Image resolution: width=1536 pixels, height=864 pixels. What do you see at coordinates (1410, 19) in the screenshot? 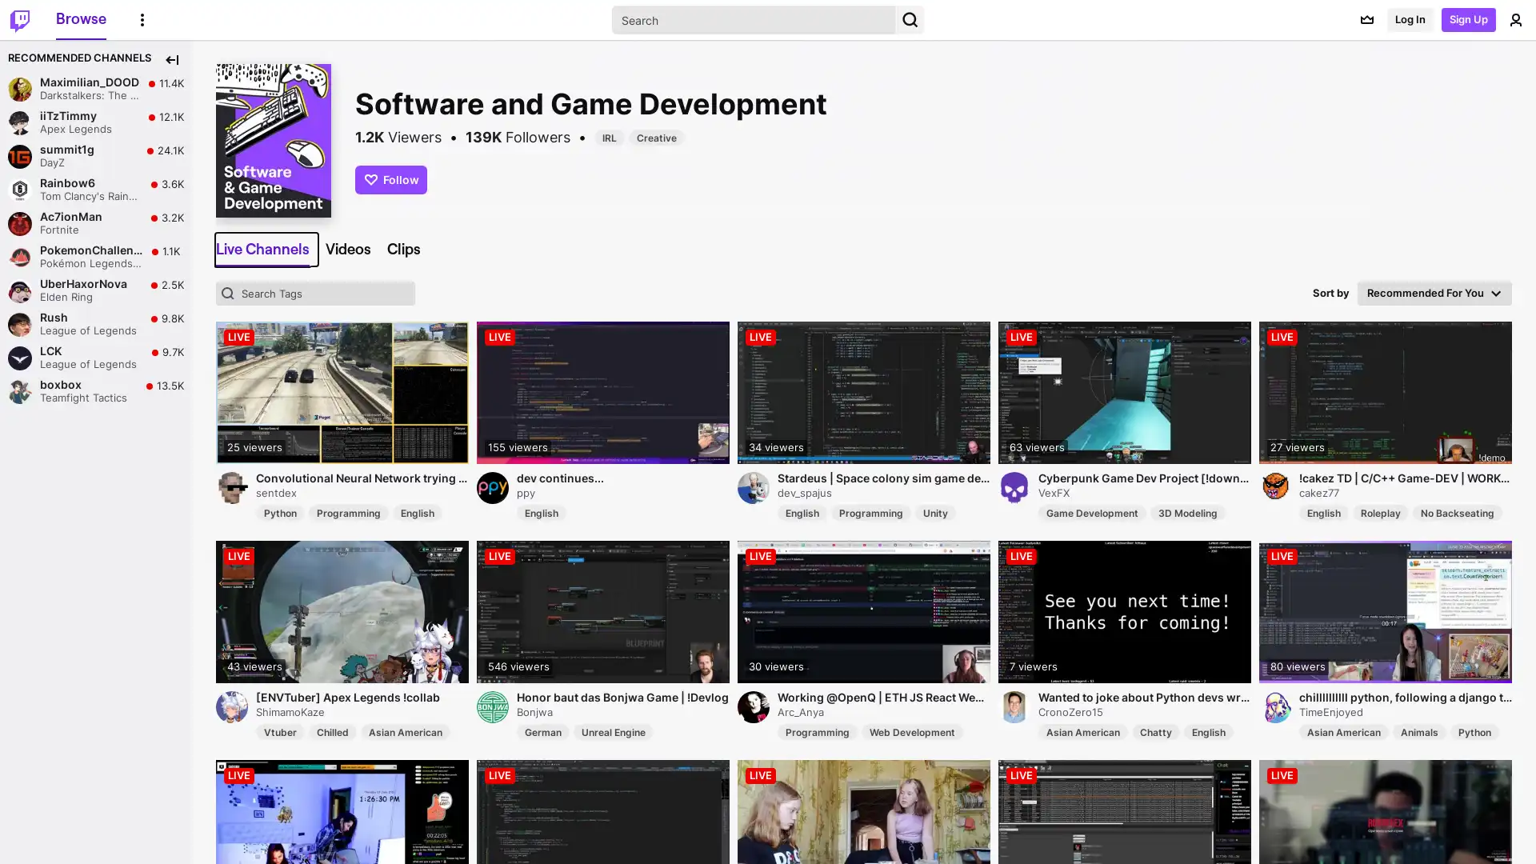
I see `Log In` at bounding box center [1410, 19].